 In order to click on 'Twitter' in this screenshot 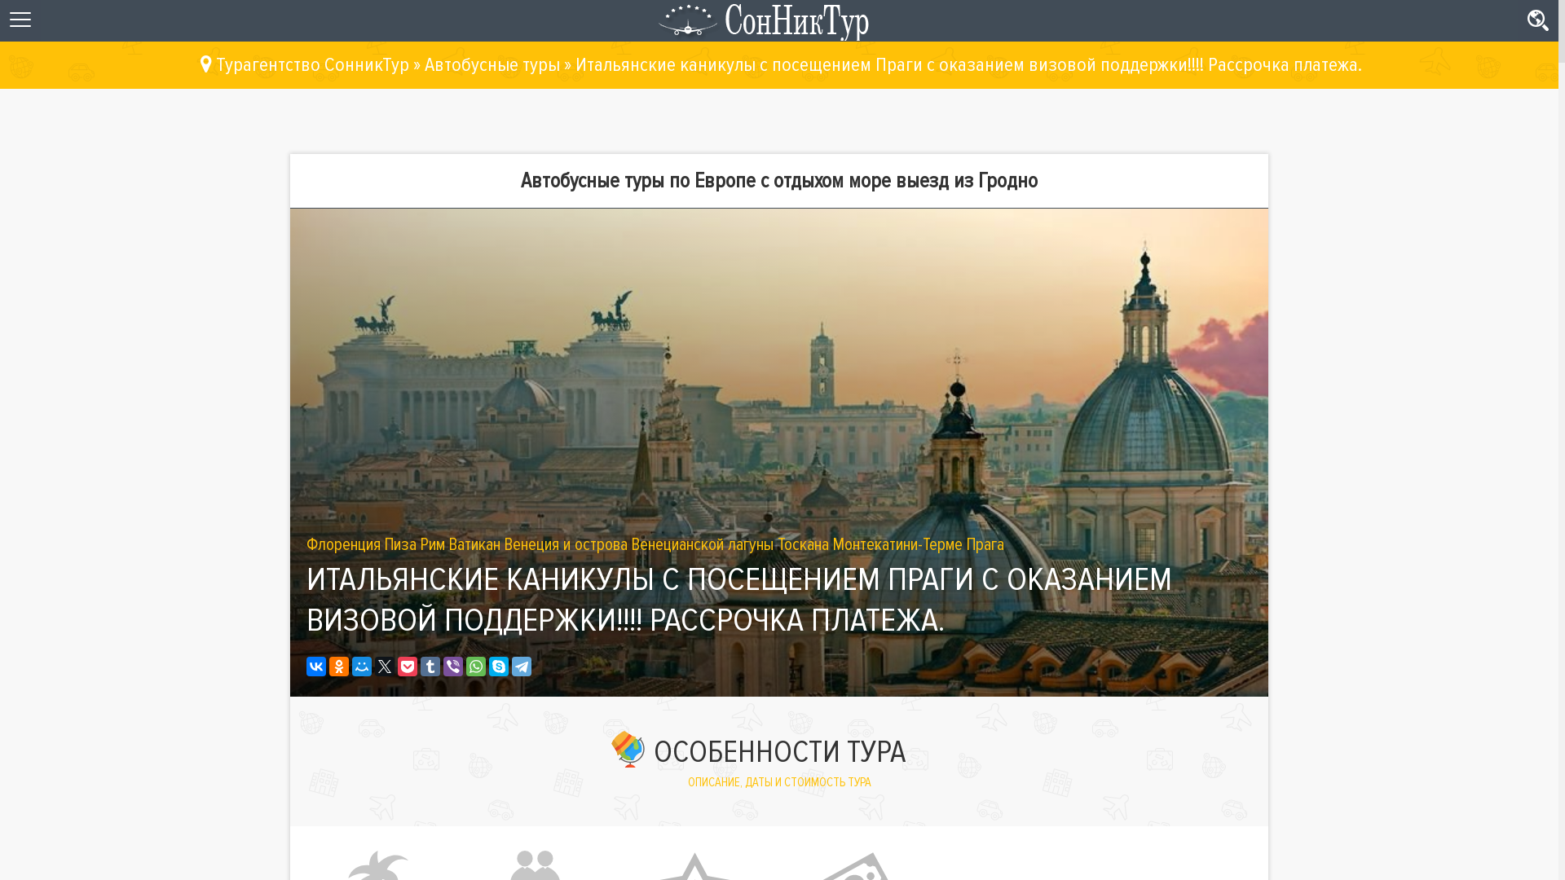, I will do `click(374, 666)`.